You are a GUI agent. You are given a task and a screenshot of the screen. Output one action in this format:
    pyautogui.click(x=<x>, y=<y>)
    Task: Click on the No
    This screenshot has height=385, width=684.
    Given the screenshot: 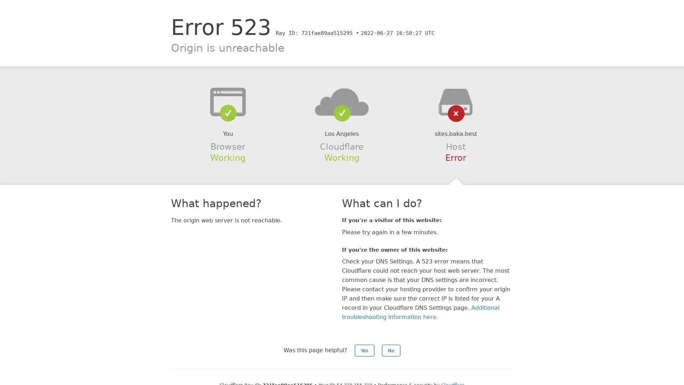 What is the action you would take?
    pyautogui.click(x=391, y=350)
    